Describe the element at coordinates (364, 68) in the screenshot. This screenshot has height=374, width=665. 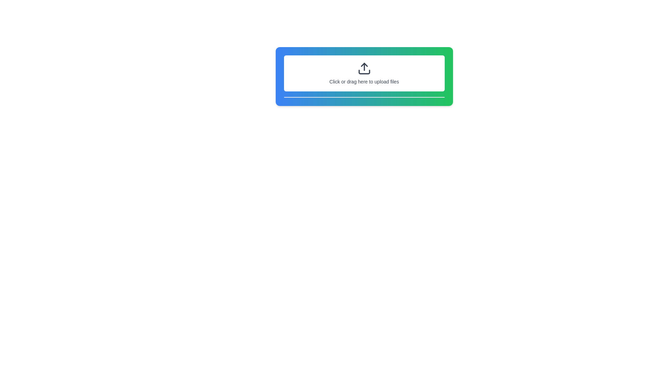
I see `the outlined upload icon which consists of an upward arrow and a tray, styled with a modern vector appearance, located in the centered upload zone labeled 'Click or drag here to upload files.'` at that location.